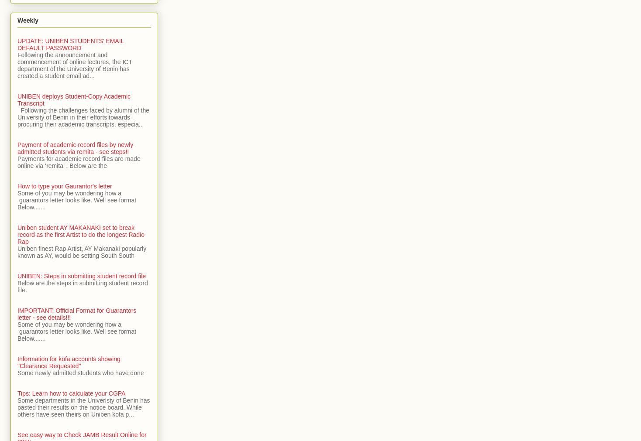  I want to click on 'Tips: Learn how to calculate your CGPA', so click(71, 393).